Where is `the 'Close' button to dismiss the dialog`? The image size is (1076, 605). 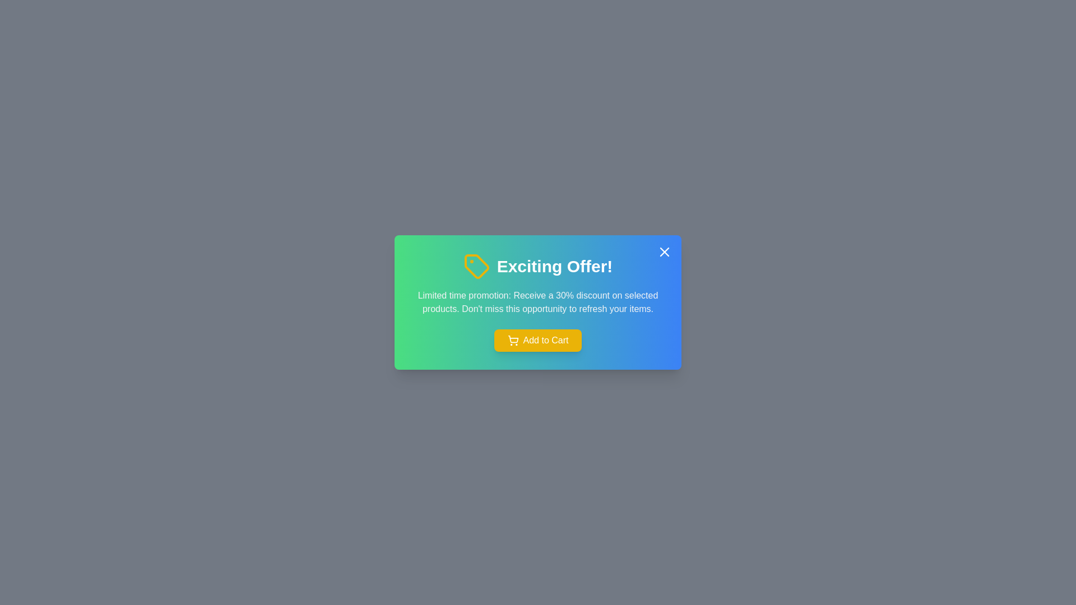
the 'Close' button to dismiss the dialog is located at coordinates (664, 252).